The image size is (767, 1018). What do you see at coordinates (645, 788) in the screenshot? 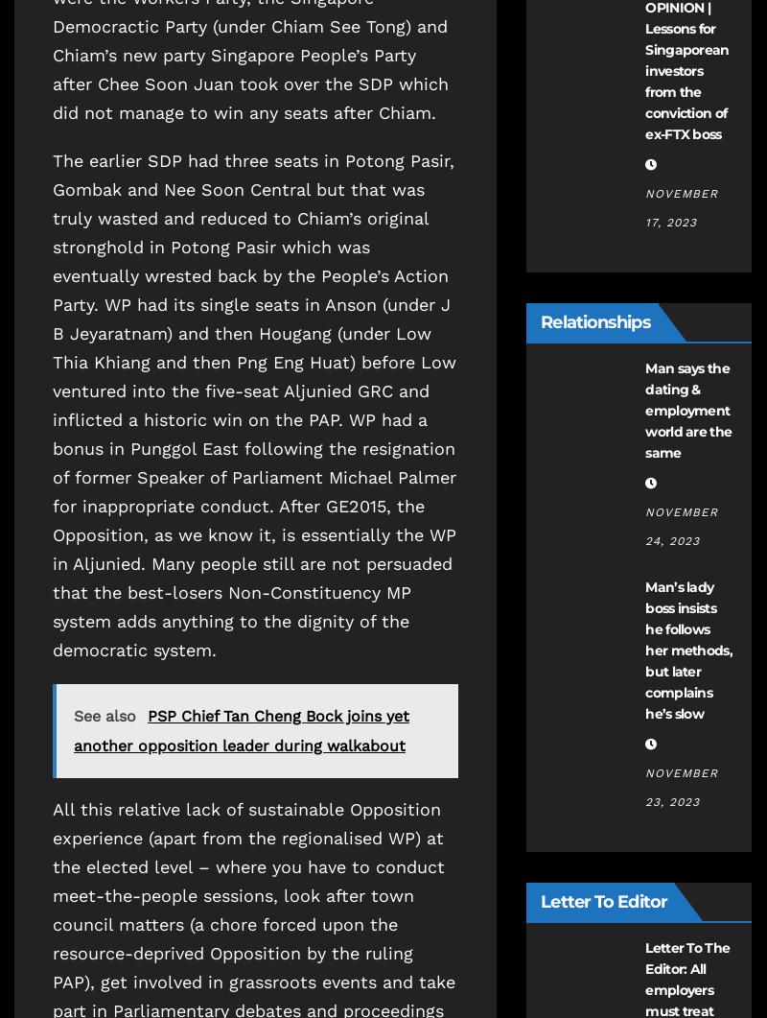
I see `'November 23, 2023'` at bounding box center [645, 788].